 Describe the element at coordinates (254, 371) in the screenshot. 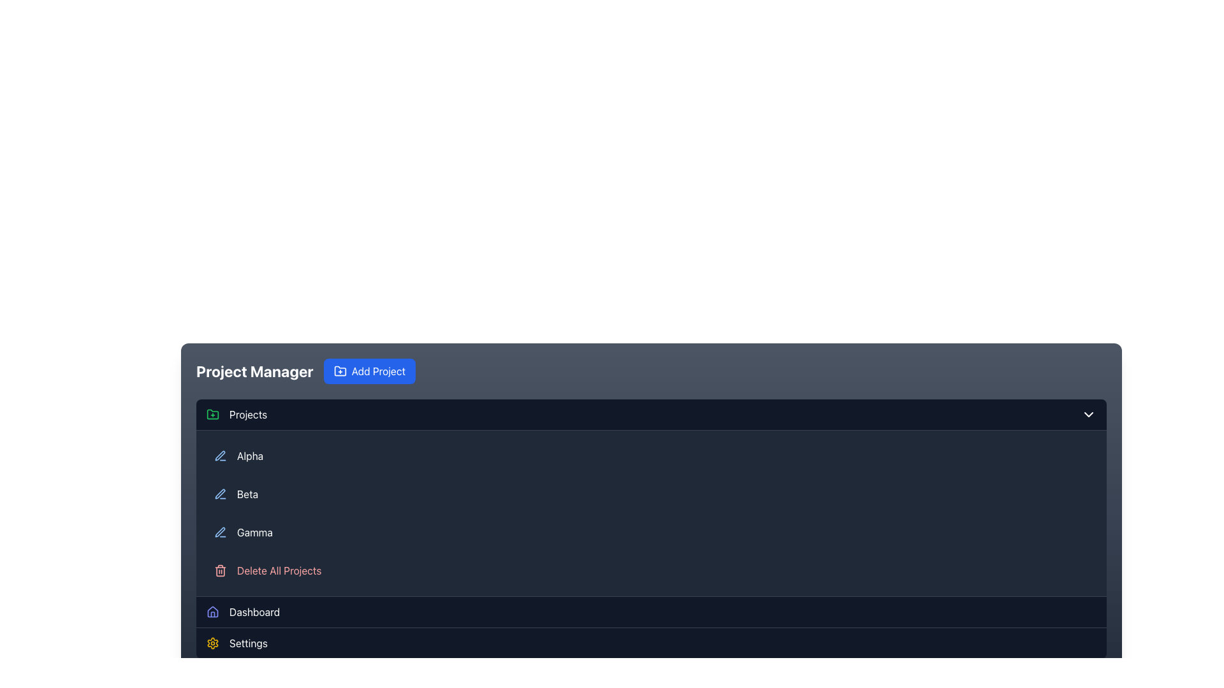

I see `the 'Project Manager' text label, which is a bold and large font heading located at the top-left section of the toolbar area with a dark background` at that location.